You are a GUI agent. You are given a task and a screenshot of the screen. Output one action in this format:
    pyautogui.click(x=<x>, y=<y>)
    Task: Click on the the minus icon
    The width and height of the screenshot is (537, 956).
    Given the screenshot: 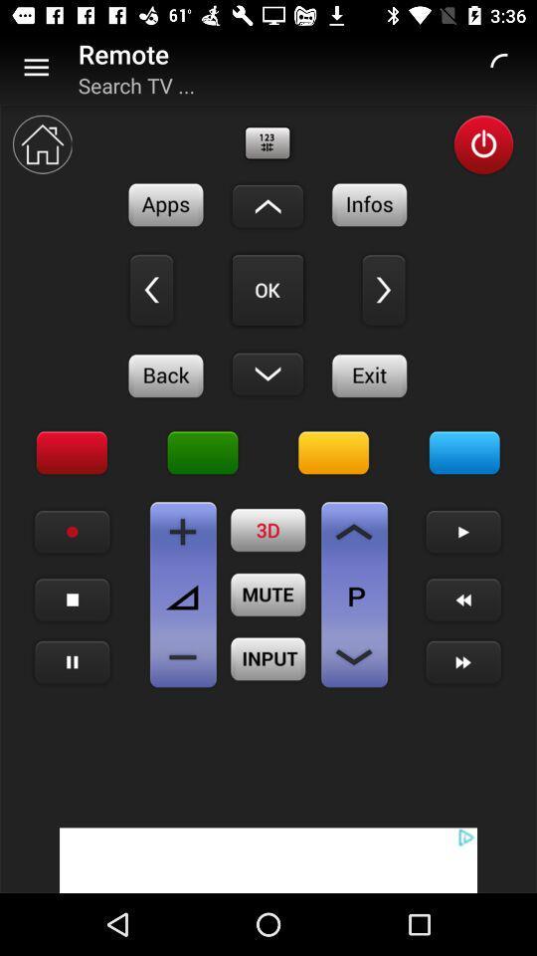 What is the action you would take?
    pyautogui.click(x=183, y=656)
    